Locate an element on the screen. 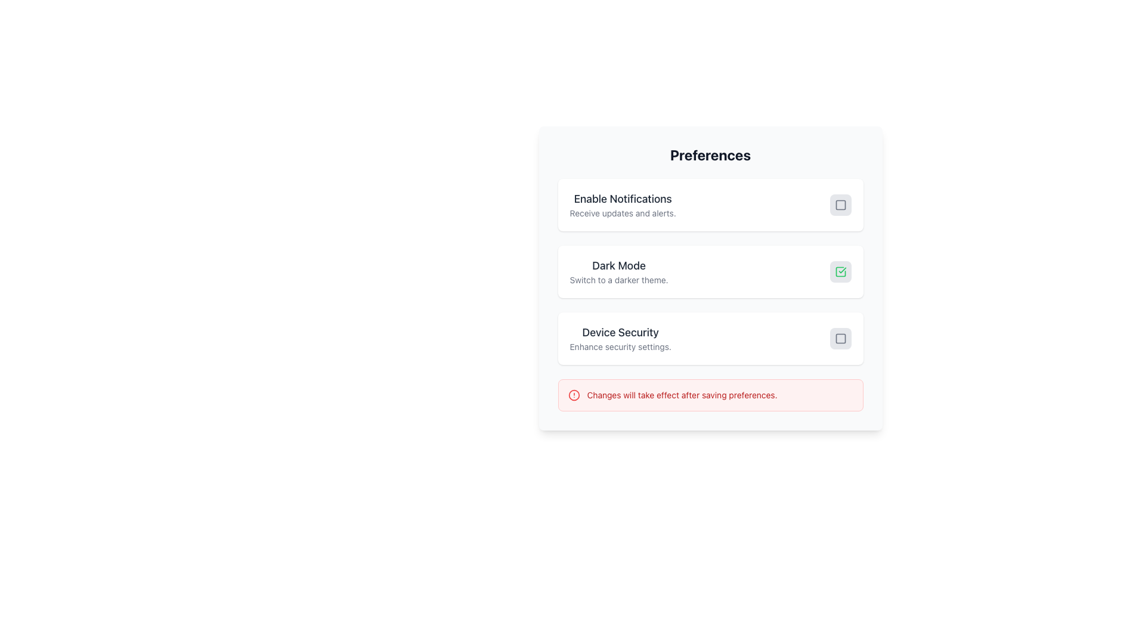 This screenshot has width=1145, height=644. text description of the 'Enable Notifications' option located in the topmost card of the settings list is located at coordinates (622, 204).